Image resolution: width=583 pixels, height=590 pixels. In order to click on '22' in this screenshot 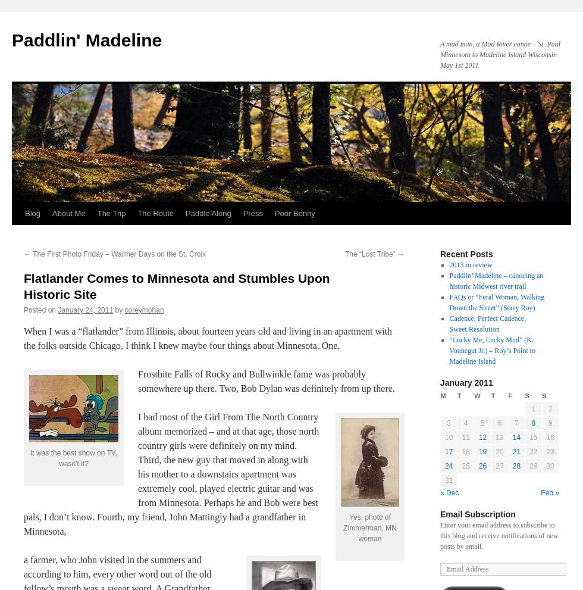, I will do `click(533, 451)`.